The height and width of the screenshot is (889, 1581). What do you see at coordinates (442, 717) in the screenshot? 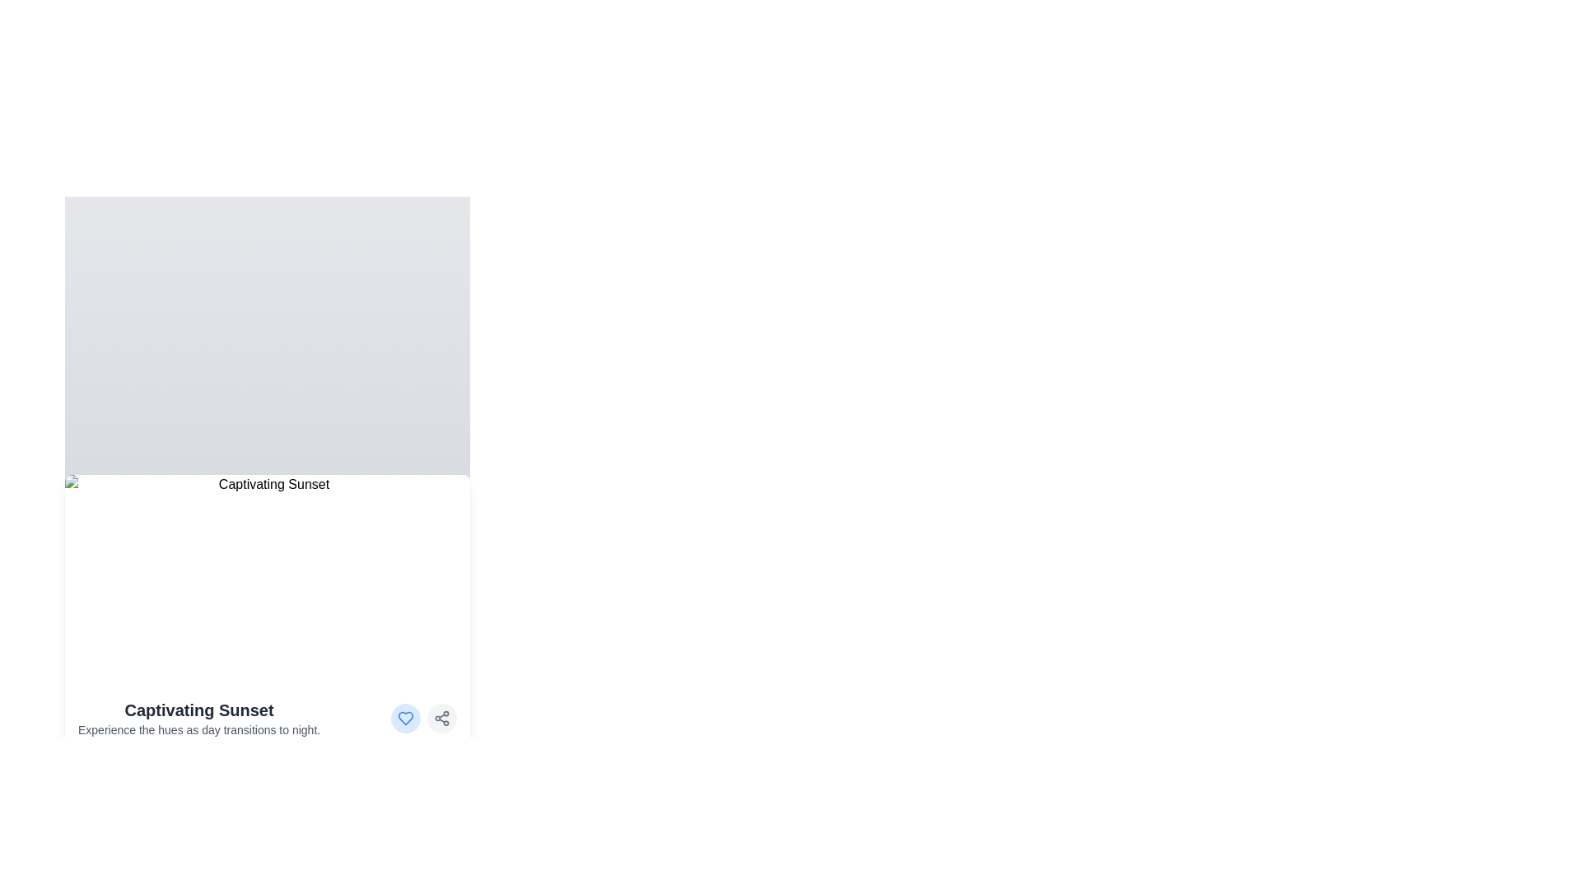
I see `the share icon located in the bottom right corner of the visible card` at bounding box center [442, 717].